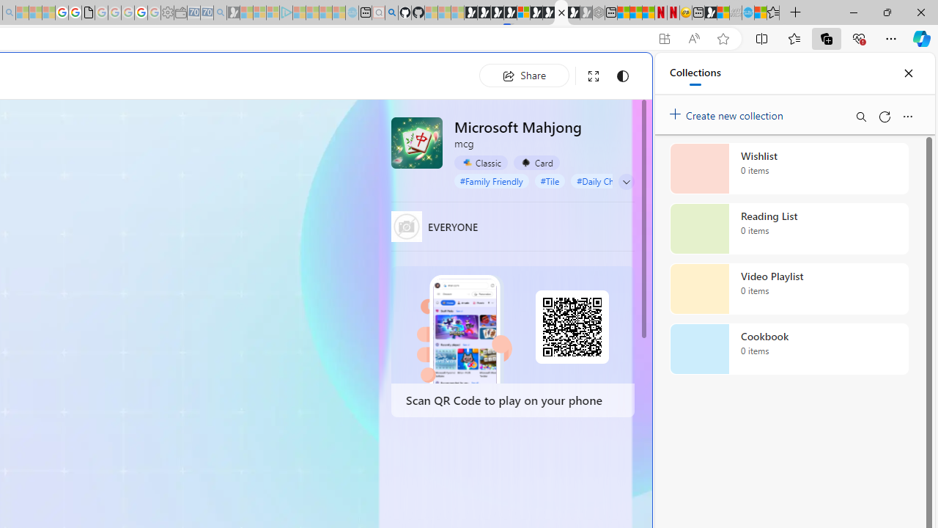 The image size is (938, 528). Describe the element at coordinates (491, 180) in the screenshot. I see `'#Family Friendly'` at that location.